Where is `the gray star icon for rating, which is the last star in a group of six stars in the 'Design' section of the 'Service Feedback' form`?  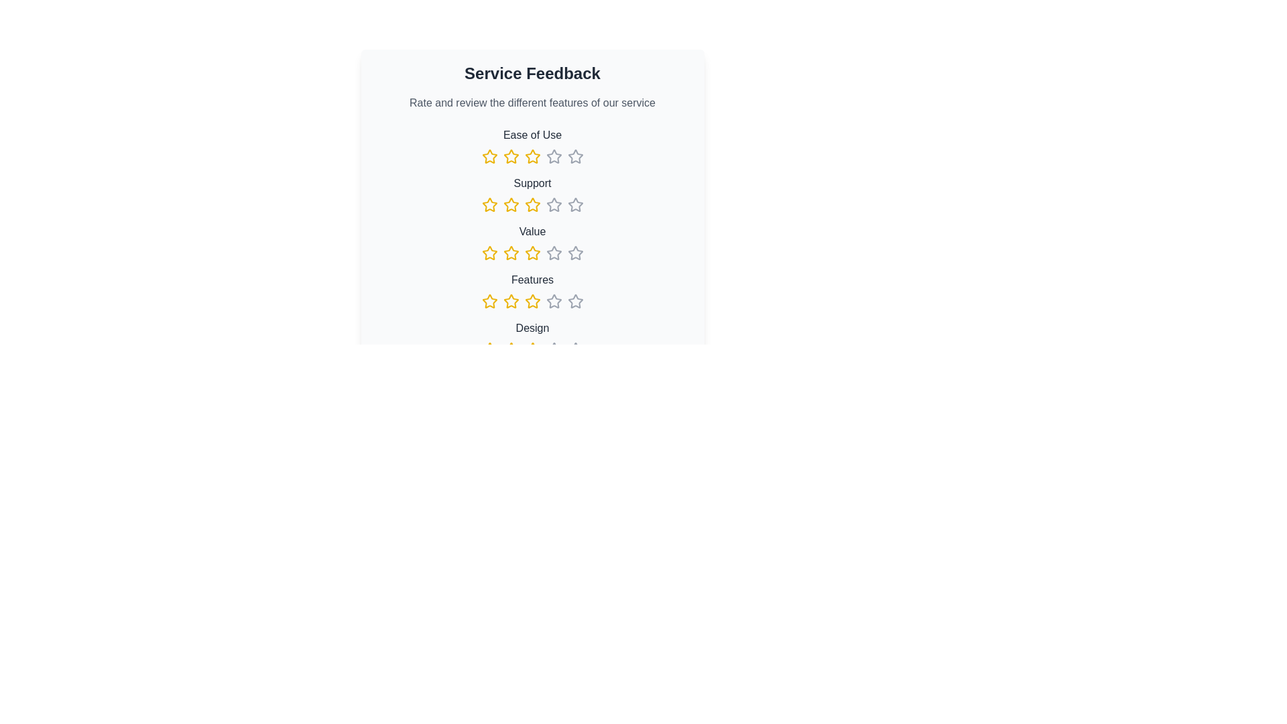 the gray star icon for rating, which is the last star in a group of six stars in the 'Design' section of the 'Service Feedback' form is located at coordinates (575, 349).